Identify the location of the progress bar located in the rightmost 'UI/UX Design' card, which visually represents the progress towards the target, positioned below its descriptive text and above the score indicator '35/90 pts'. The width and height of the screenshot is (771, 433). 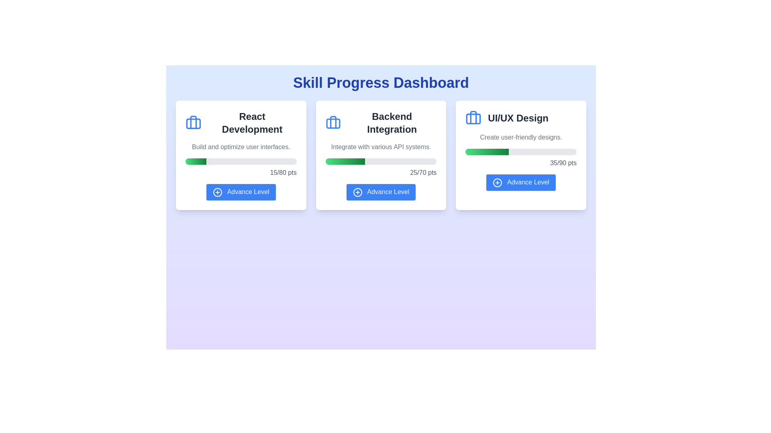
(487, 152).